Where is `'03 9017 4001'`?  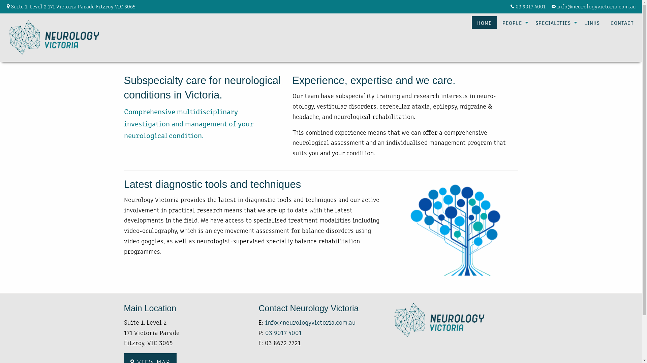
'03 9017 4001' is located at coordinates (511, 6).